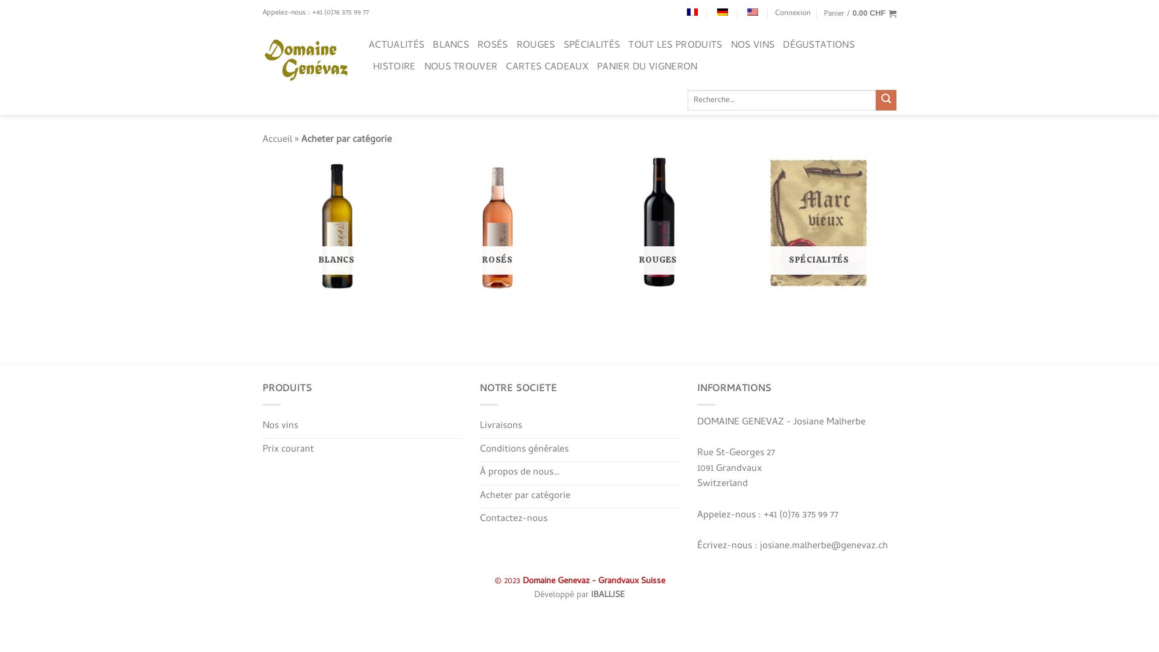  Describe the element at coordinates (596, 67) in the screenshot. I see `'PANIER DU VIGNERON'` at that location.